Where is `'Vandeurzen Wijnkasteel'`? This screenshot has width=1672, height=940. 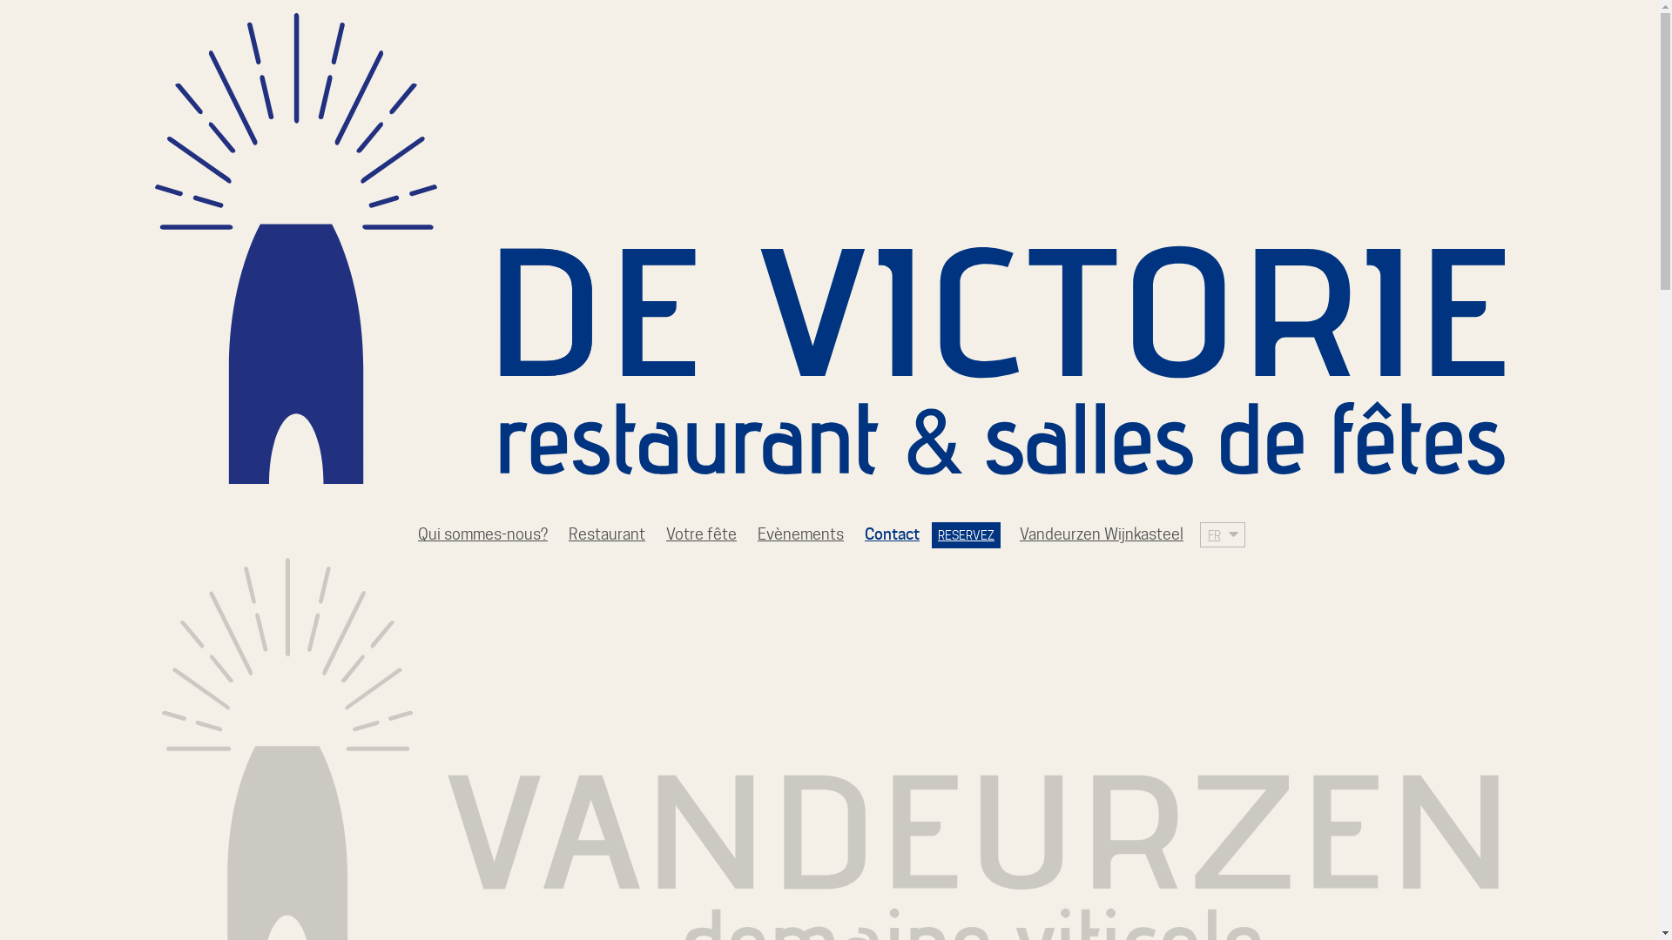
'Vandeurzen Wijnkasteel' is located at coordinates (1101, 533).